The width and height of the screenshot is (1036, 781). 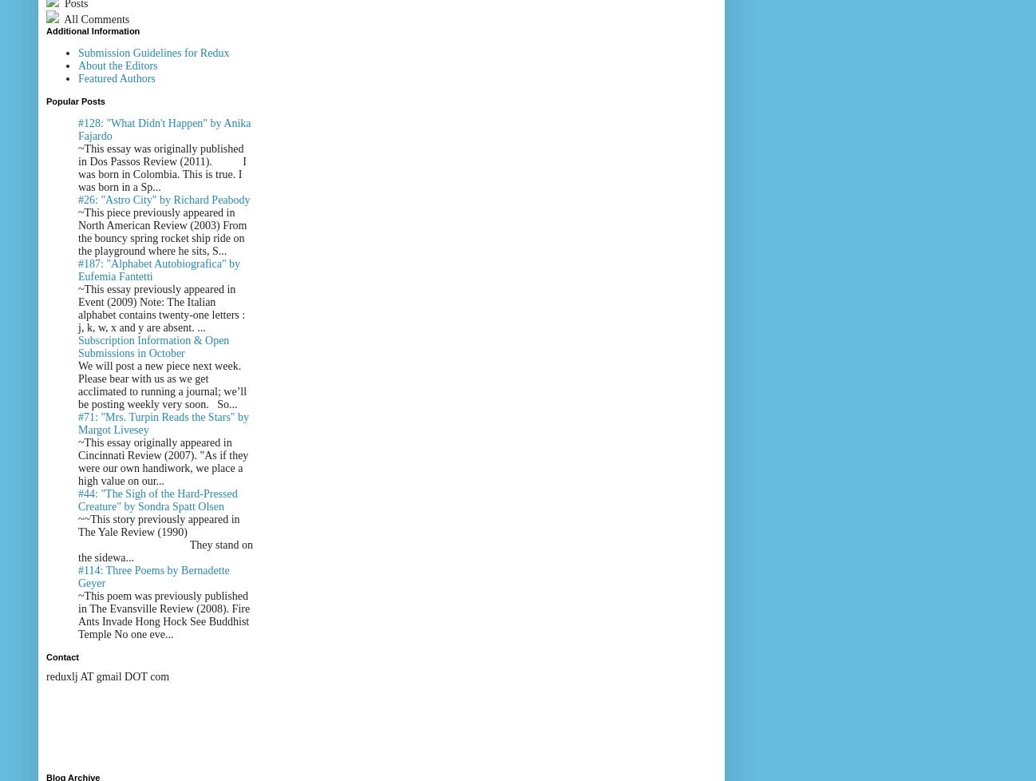 What do you see at coordinates (162, 384) in the screenshot?
I see `'We will post a new piece next week.   Please bear with us as we get acclimated to running a journal; we’ll be posting weekly very soon.   So...'` at bounding box center [162, 384].